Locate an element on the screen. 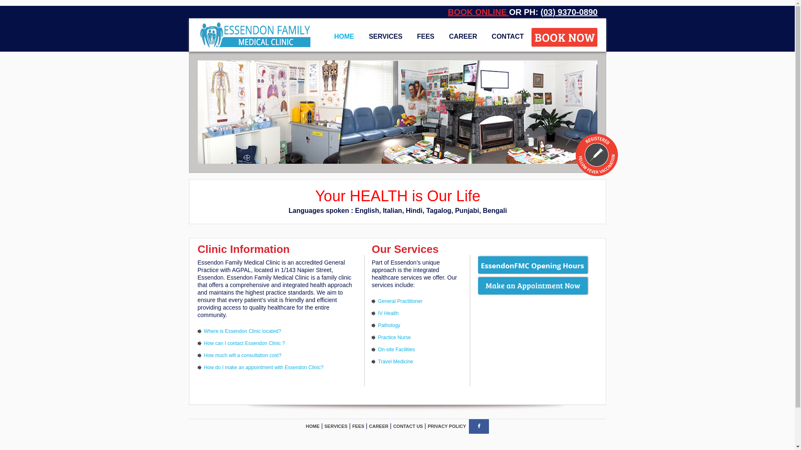  'HOME' is located at coordinates (344, 36).